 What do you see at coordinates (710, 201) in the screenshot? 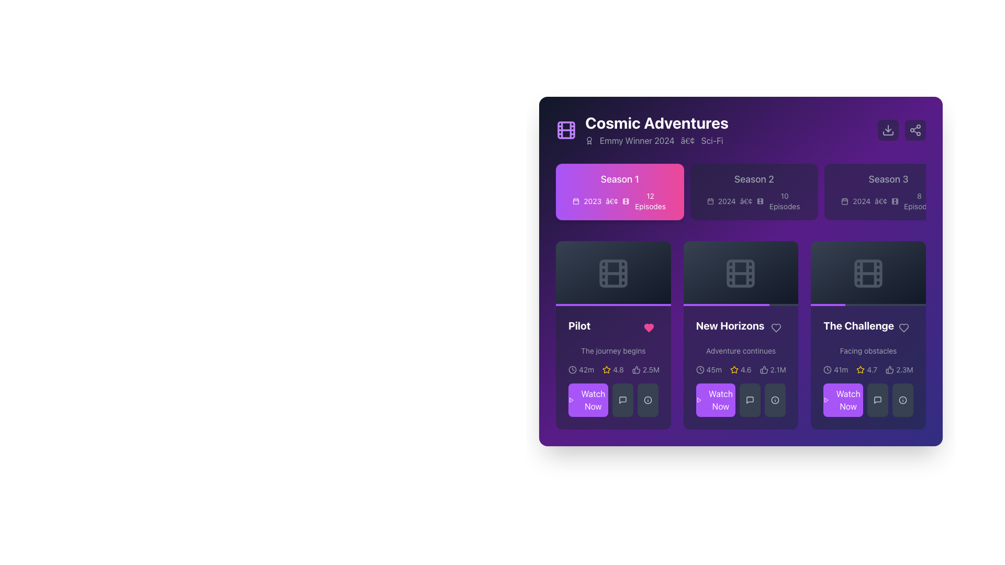
I see `the graphical element in the top-left corner of the calendar icon, which is part of the informational cards for a TV show` at bounding box center [710, 201].